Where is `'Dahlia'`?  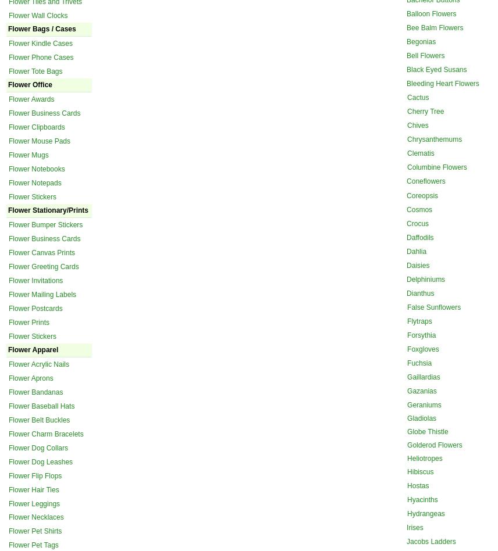 'Dahlia' is located at coordinates (406, 251).